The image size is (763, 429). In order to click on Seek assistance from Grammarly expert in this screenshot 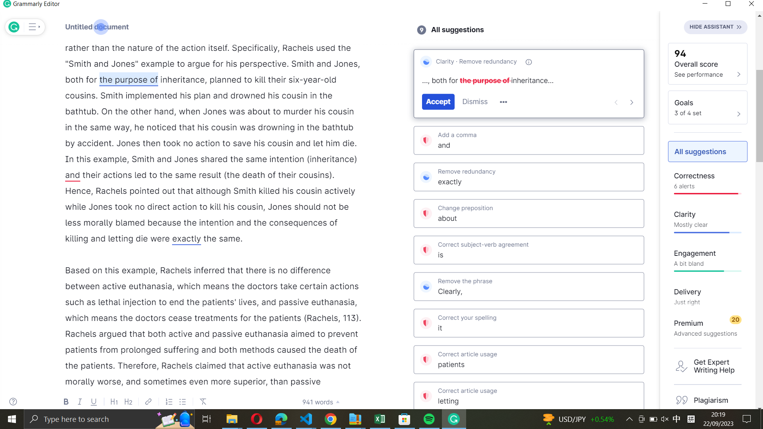, I will do `click(708, 366)`.